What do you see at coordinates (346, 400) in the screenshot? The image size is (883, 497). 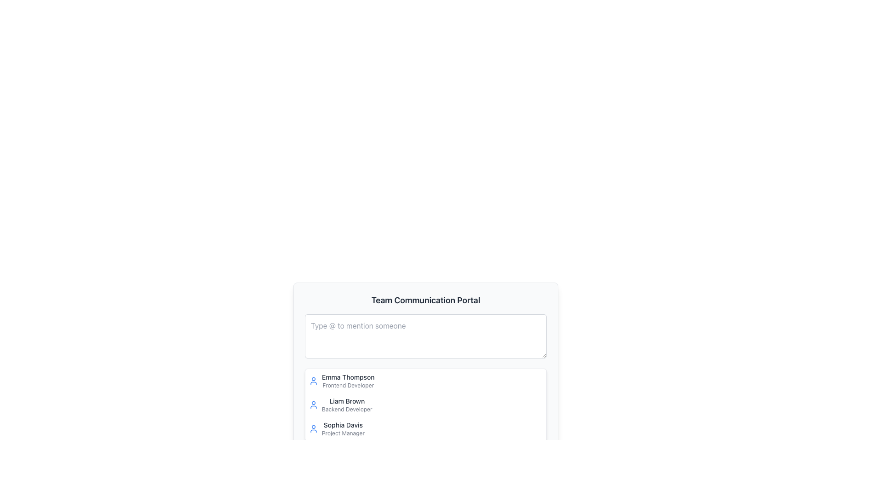 I see `the label identifying the name of the team member, which is positioned above 'Sophia Davis' and below 'Emma Thompson' on the right side of the interface` at bounding box center [346, 400].